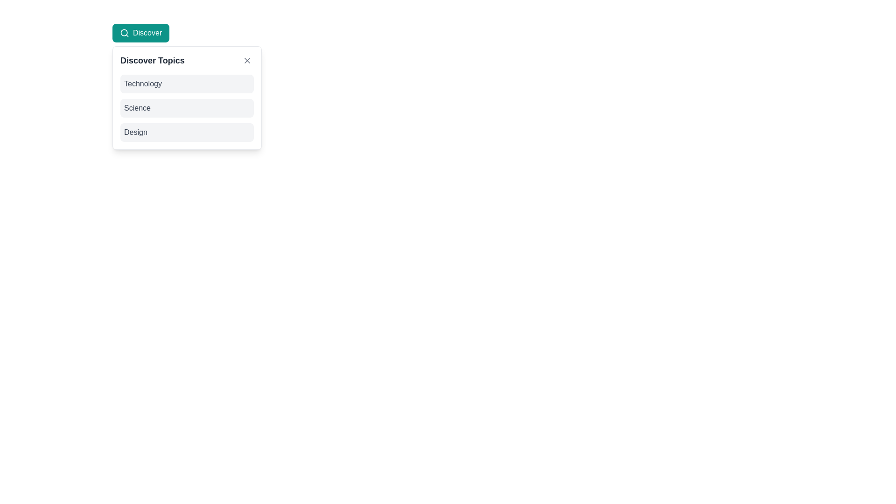 The image size is (896, 504). What do you see at coordinates (247, 61) in the screenshot?
I see `the closing button located at the top-right corner of the 'Discover Topics' panel` at bounding box center [247, 61].